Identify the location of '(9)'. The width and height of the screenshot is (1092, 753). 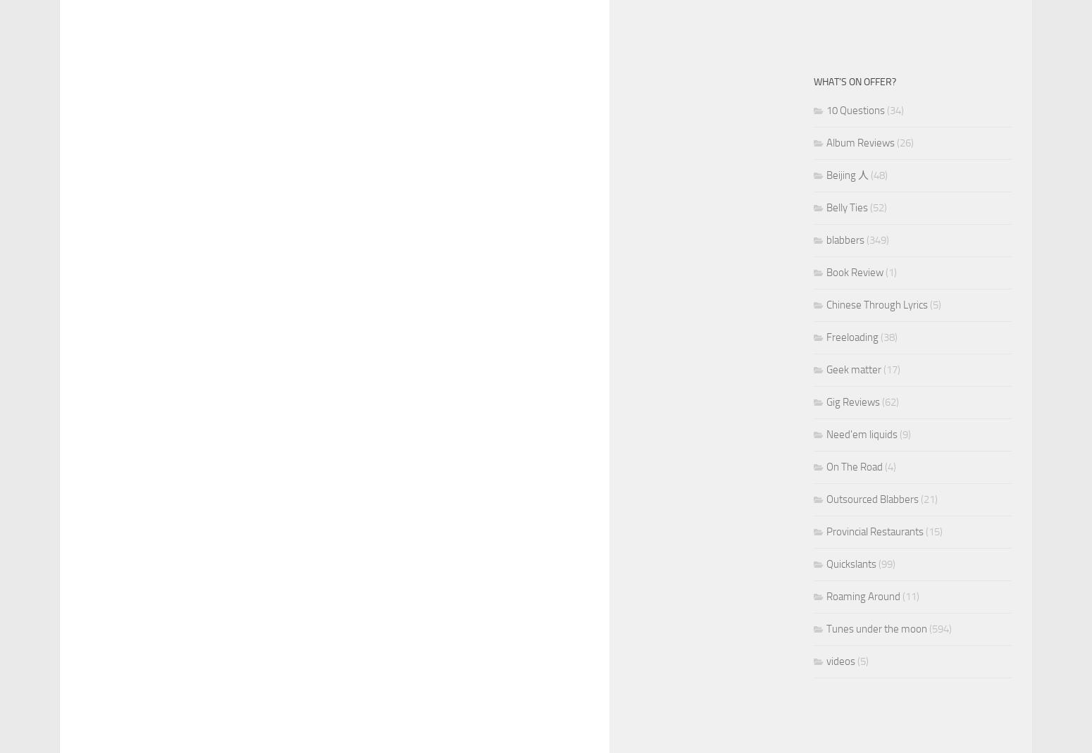
(903, 435).